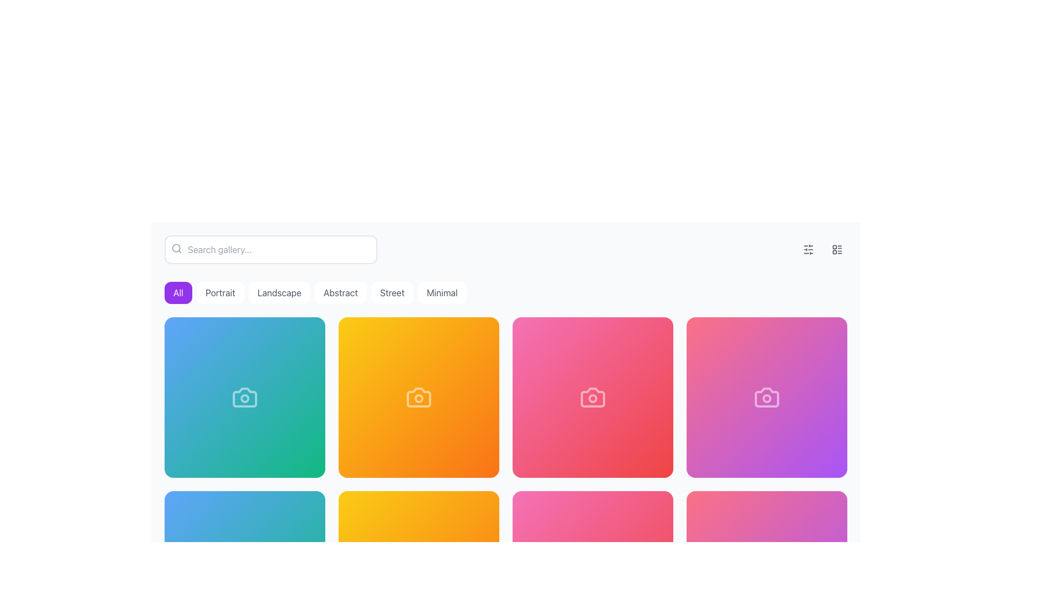 The width and height of the screenshot is (1064, 598). Describe the element at coordinates (244, 396) in the screenshot. I see `the stylized camera icon outline located at the center of a blue-green gradient box in the first row and first column of a 3x3 grid` at that location.